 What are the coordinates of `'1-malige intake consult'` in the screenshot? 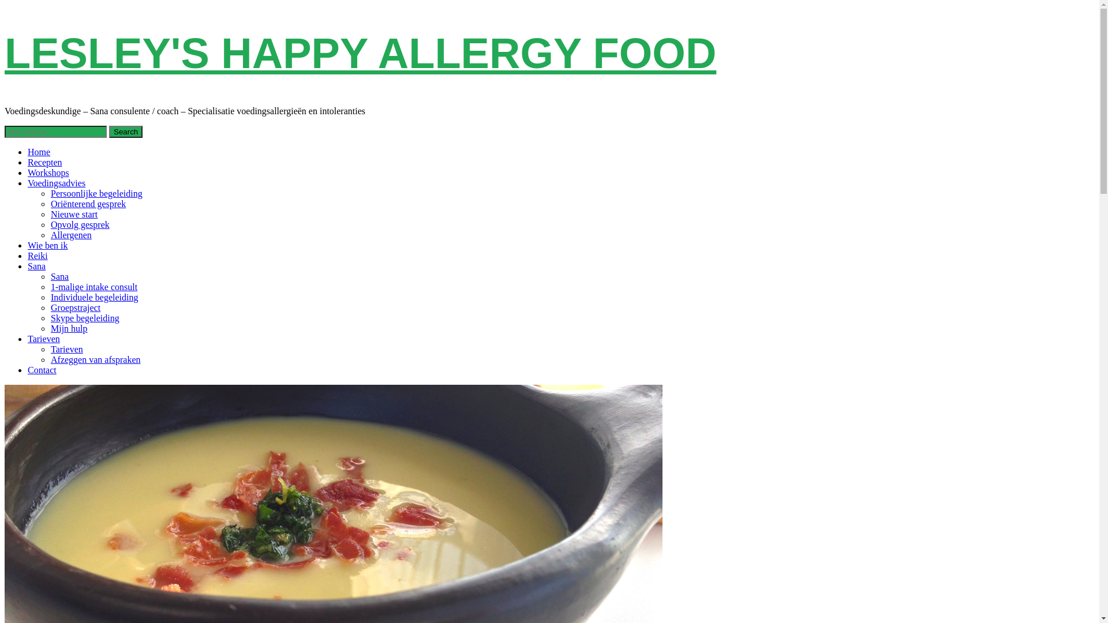 It's located at (94, 286).